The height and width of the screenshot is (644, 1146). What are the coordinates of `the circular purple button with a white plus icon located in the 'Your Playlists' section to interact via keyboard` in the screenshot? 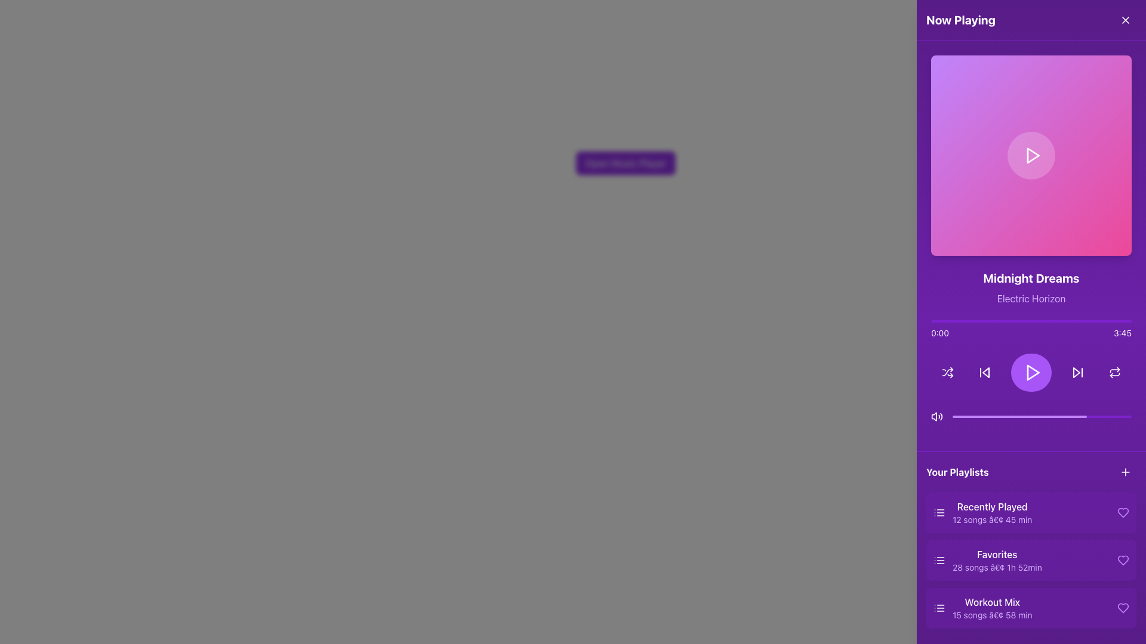 It's located at (1125, 471).